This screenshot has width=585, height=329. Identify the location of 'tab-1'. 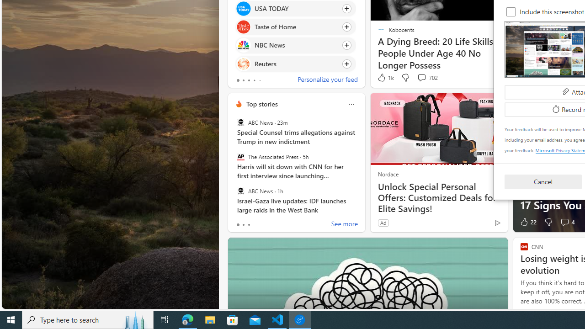
(243, 225).